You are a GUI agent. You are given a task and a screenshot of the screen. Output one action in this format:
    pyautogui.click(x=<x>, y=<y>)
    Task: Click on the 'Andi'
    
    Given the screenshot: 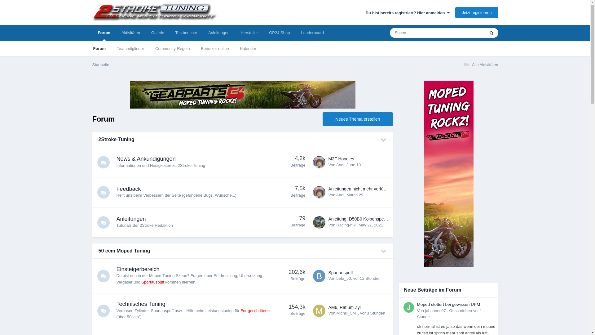 What is the action you would take?
    pyautogui.click(x=340, y=164)
    